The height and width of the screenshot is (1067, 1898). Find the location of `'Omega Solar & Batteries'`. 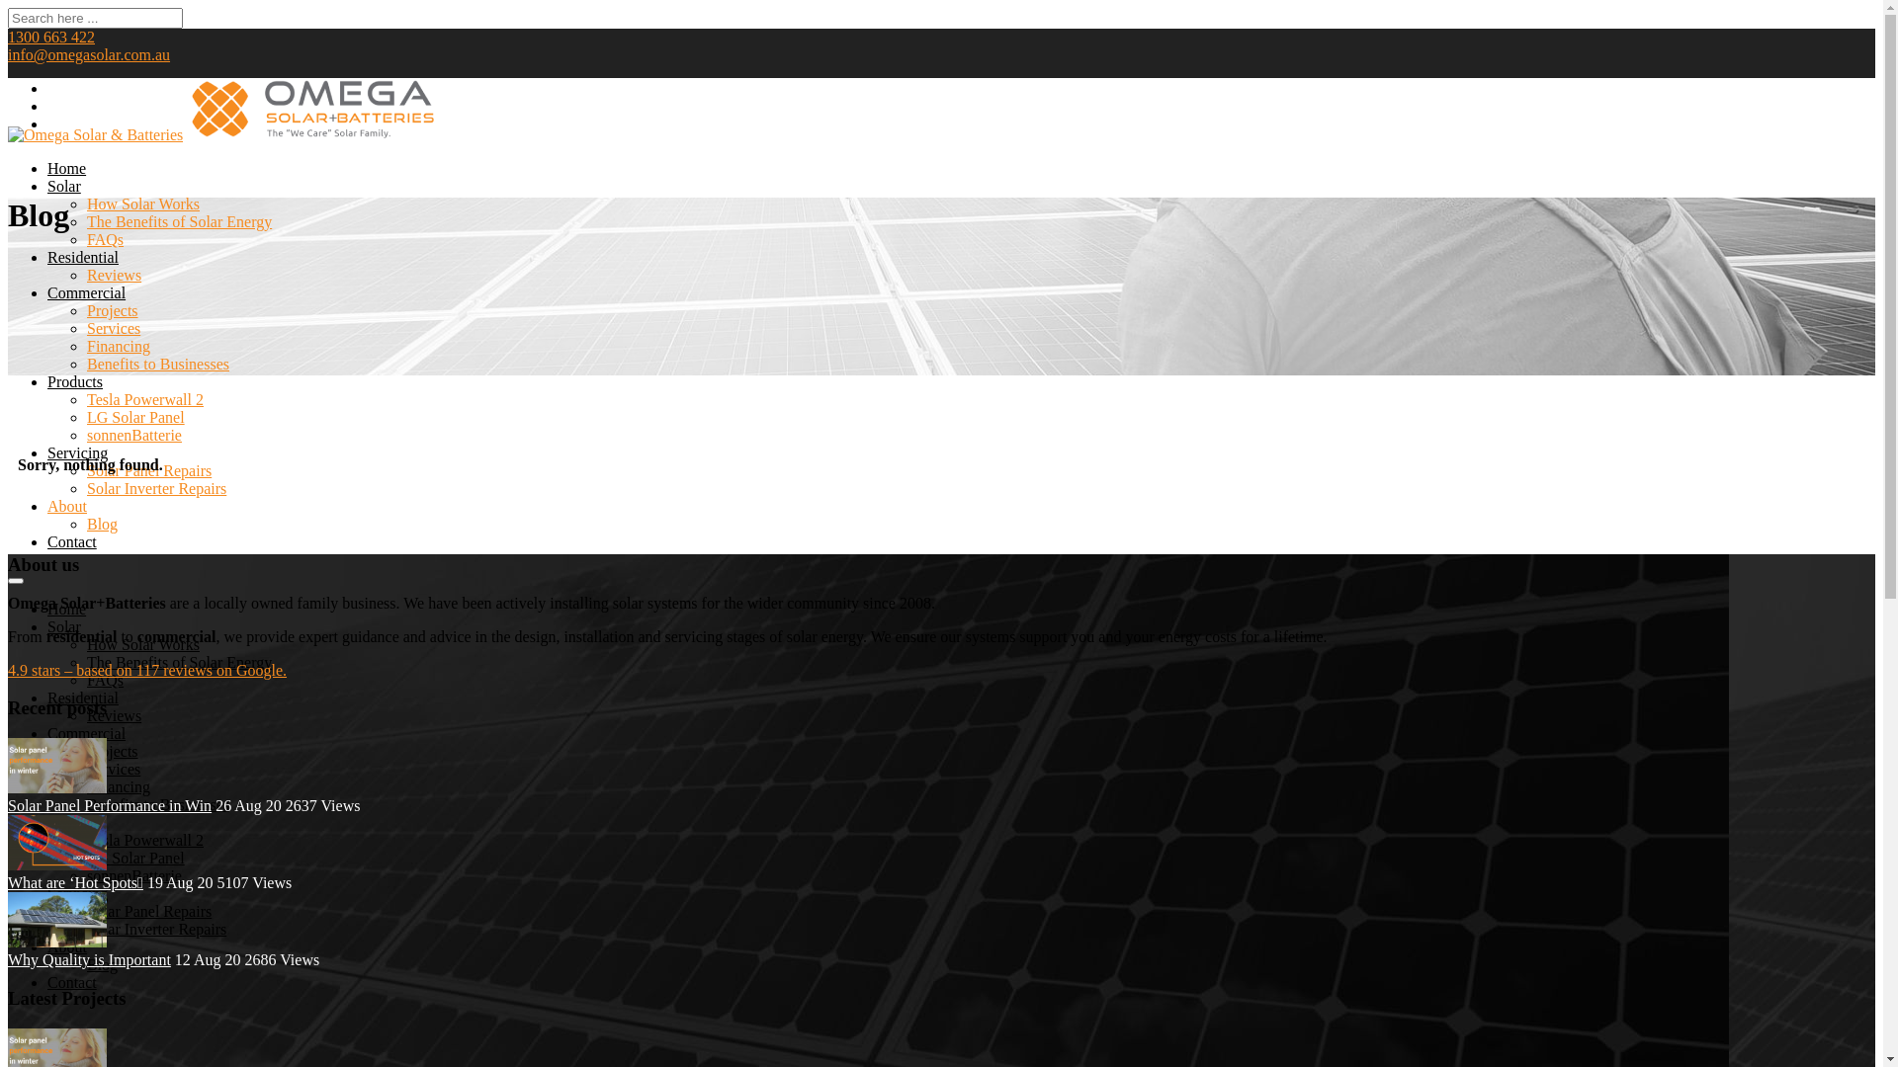

'Omega Solar & Batteries' is located at coordinates (94, 133).